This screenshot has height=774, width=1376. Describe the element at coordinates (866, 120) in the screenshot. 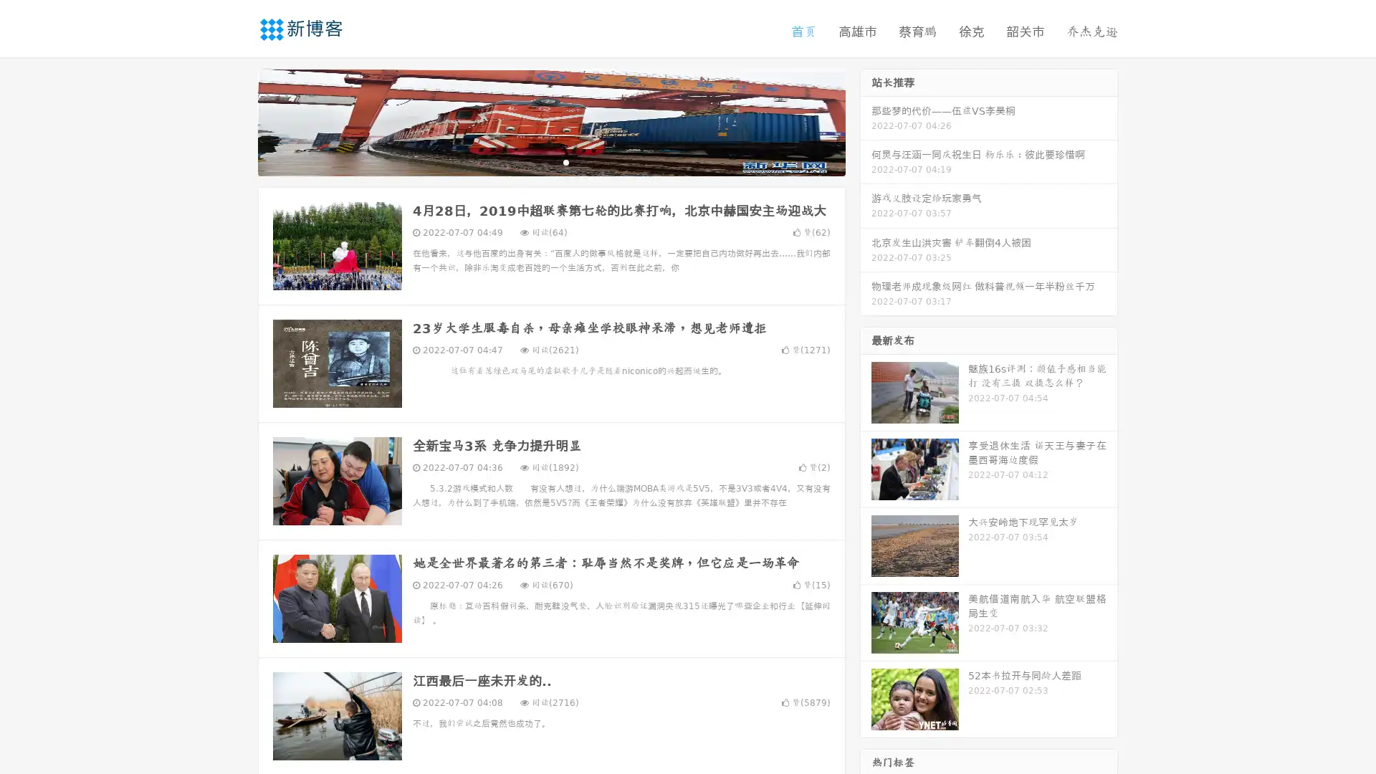

I see `Next slide` at that location.